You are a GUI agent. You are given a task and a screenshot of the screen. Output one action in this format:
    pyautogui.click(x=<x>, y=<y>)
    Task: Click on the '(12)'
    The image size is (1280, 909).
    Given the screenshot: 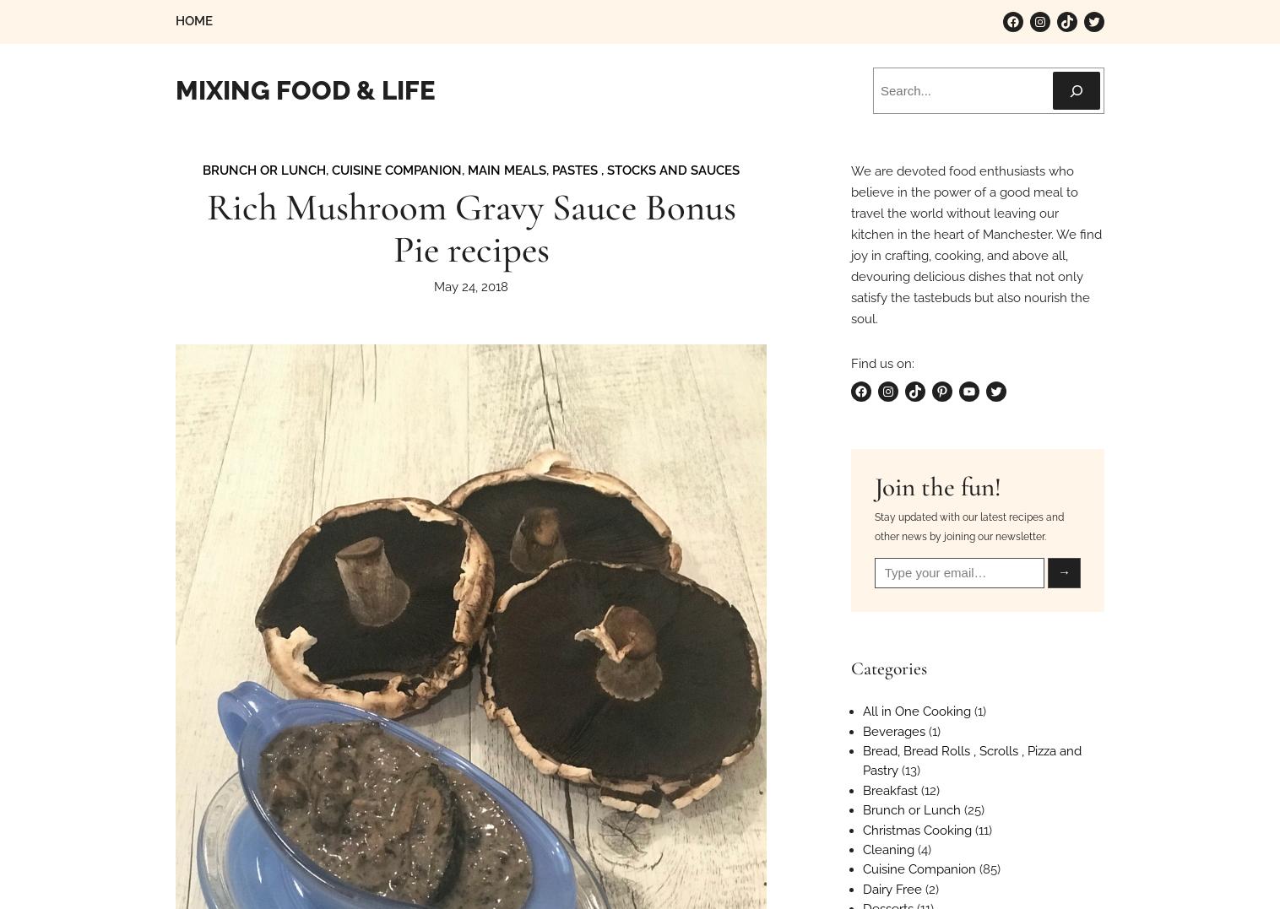 What is the action you would take?
    pyautogui.click(x=927, y=789)
    